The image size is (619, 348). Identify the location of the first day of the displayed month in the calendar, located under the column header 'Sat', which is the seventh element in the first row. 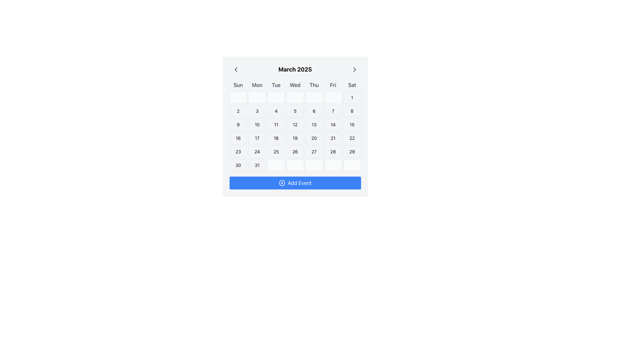
(352, 98).